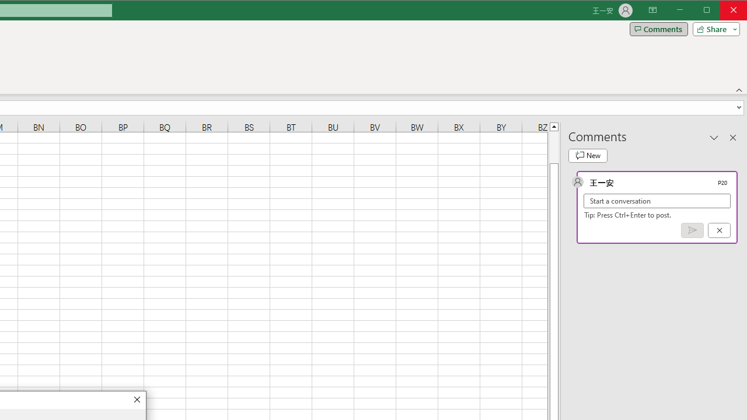 This screenshot has width=747, height=420. I want to click on 'Ribbon Display Options', so click(652, 10).